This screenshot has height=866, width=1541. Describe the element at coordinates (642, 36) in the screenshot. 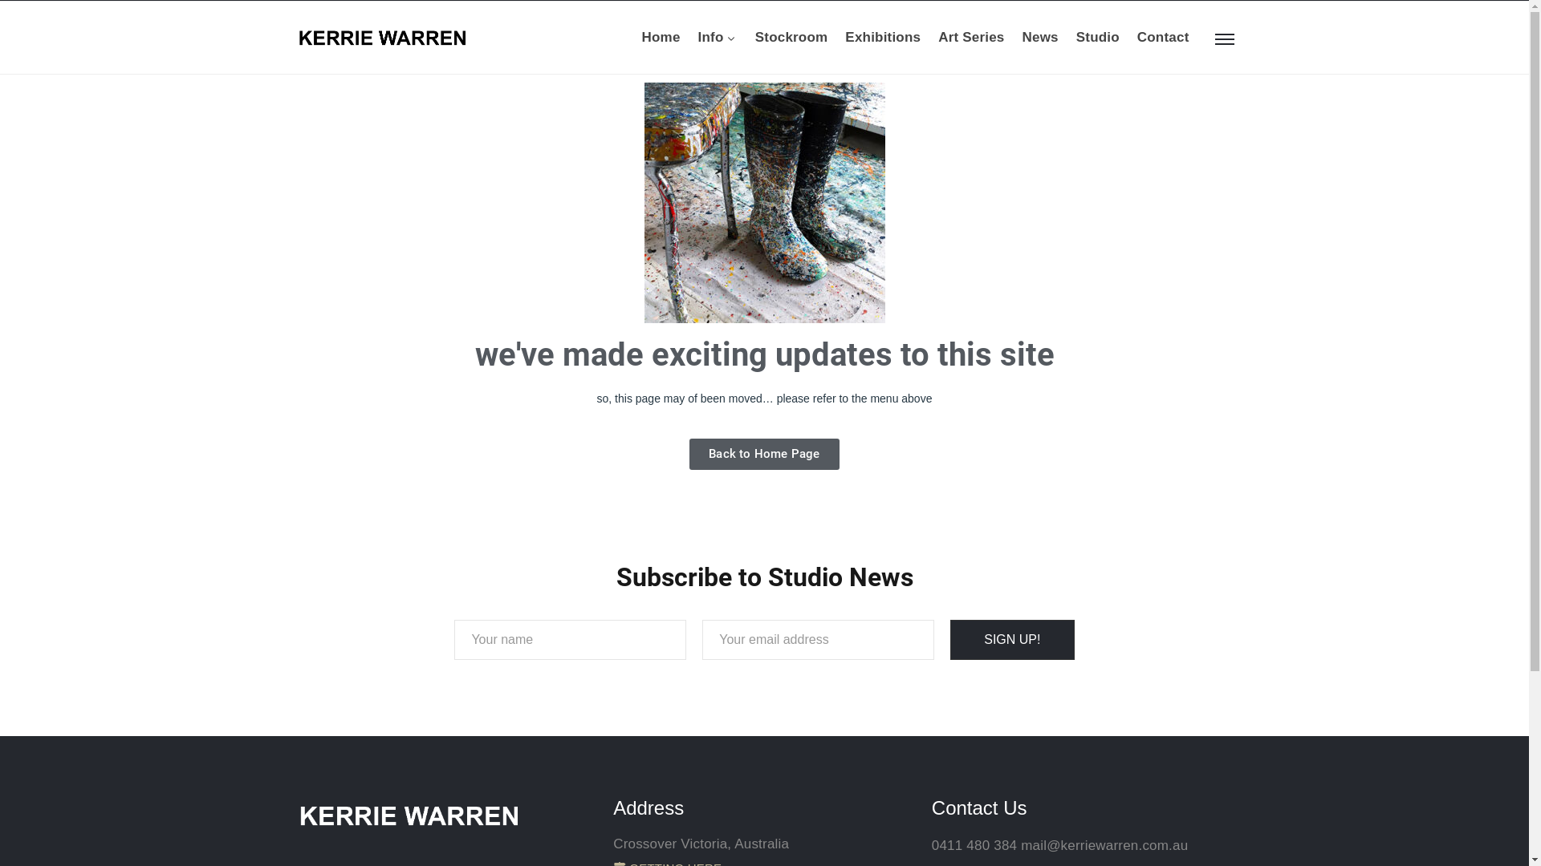

I see `'Home'` at that location.